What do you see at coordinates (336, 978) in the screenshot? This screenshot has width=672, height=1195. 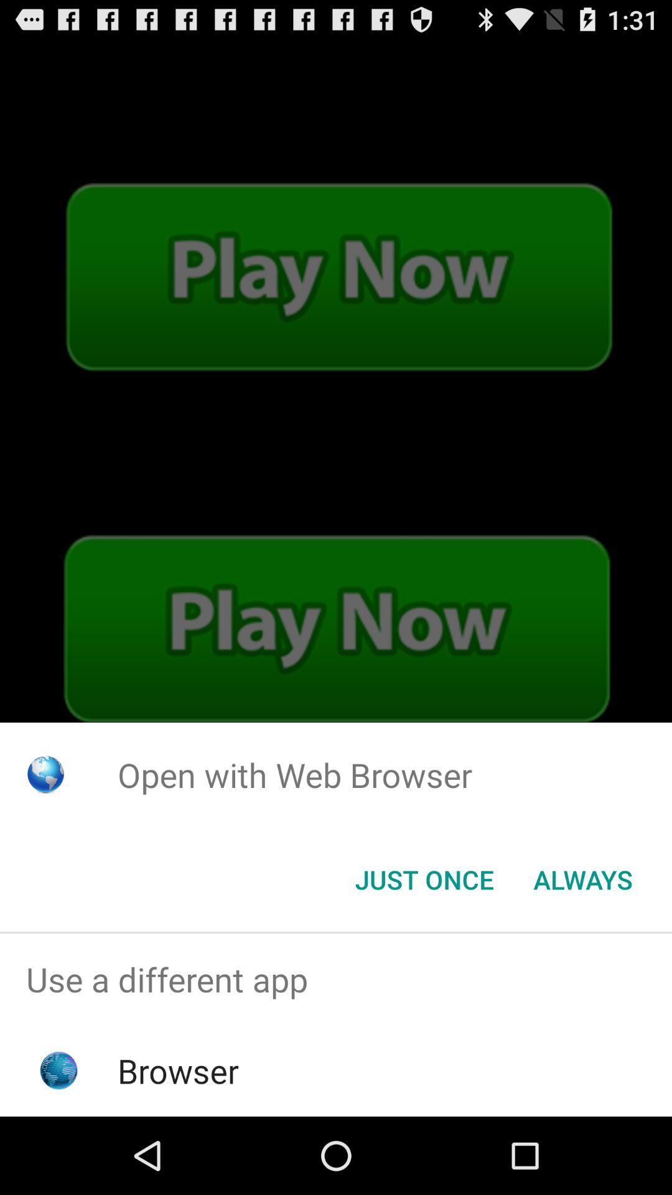 I see `use a different app` at bounding box center [336, 978].